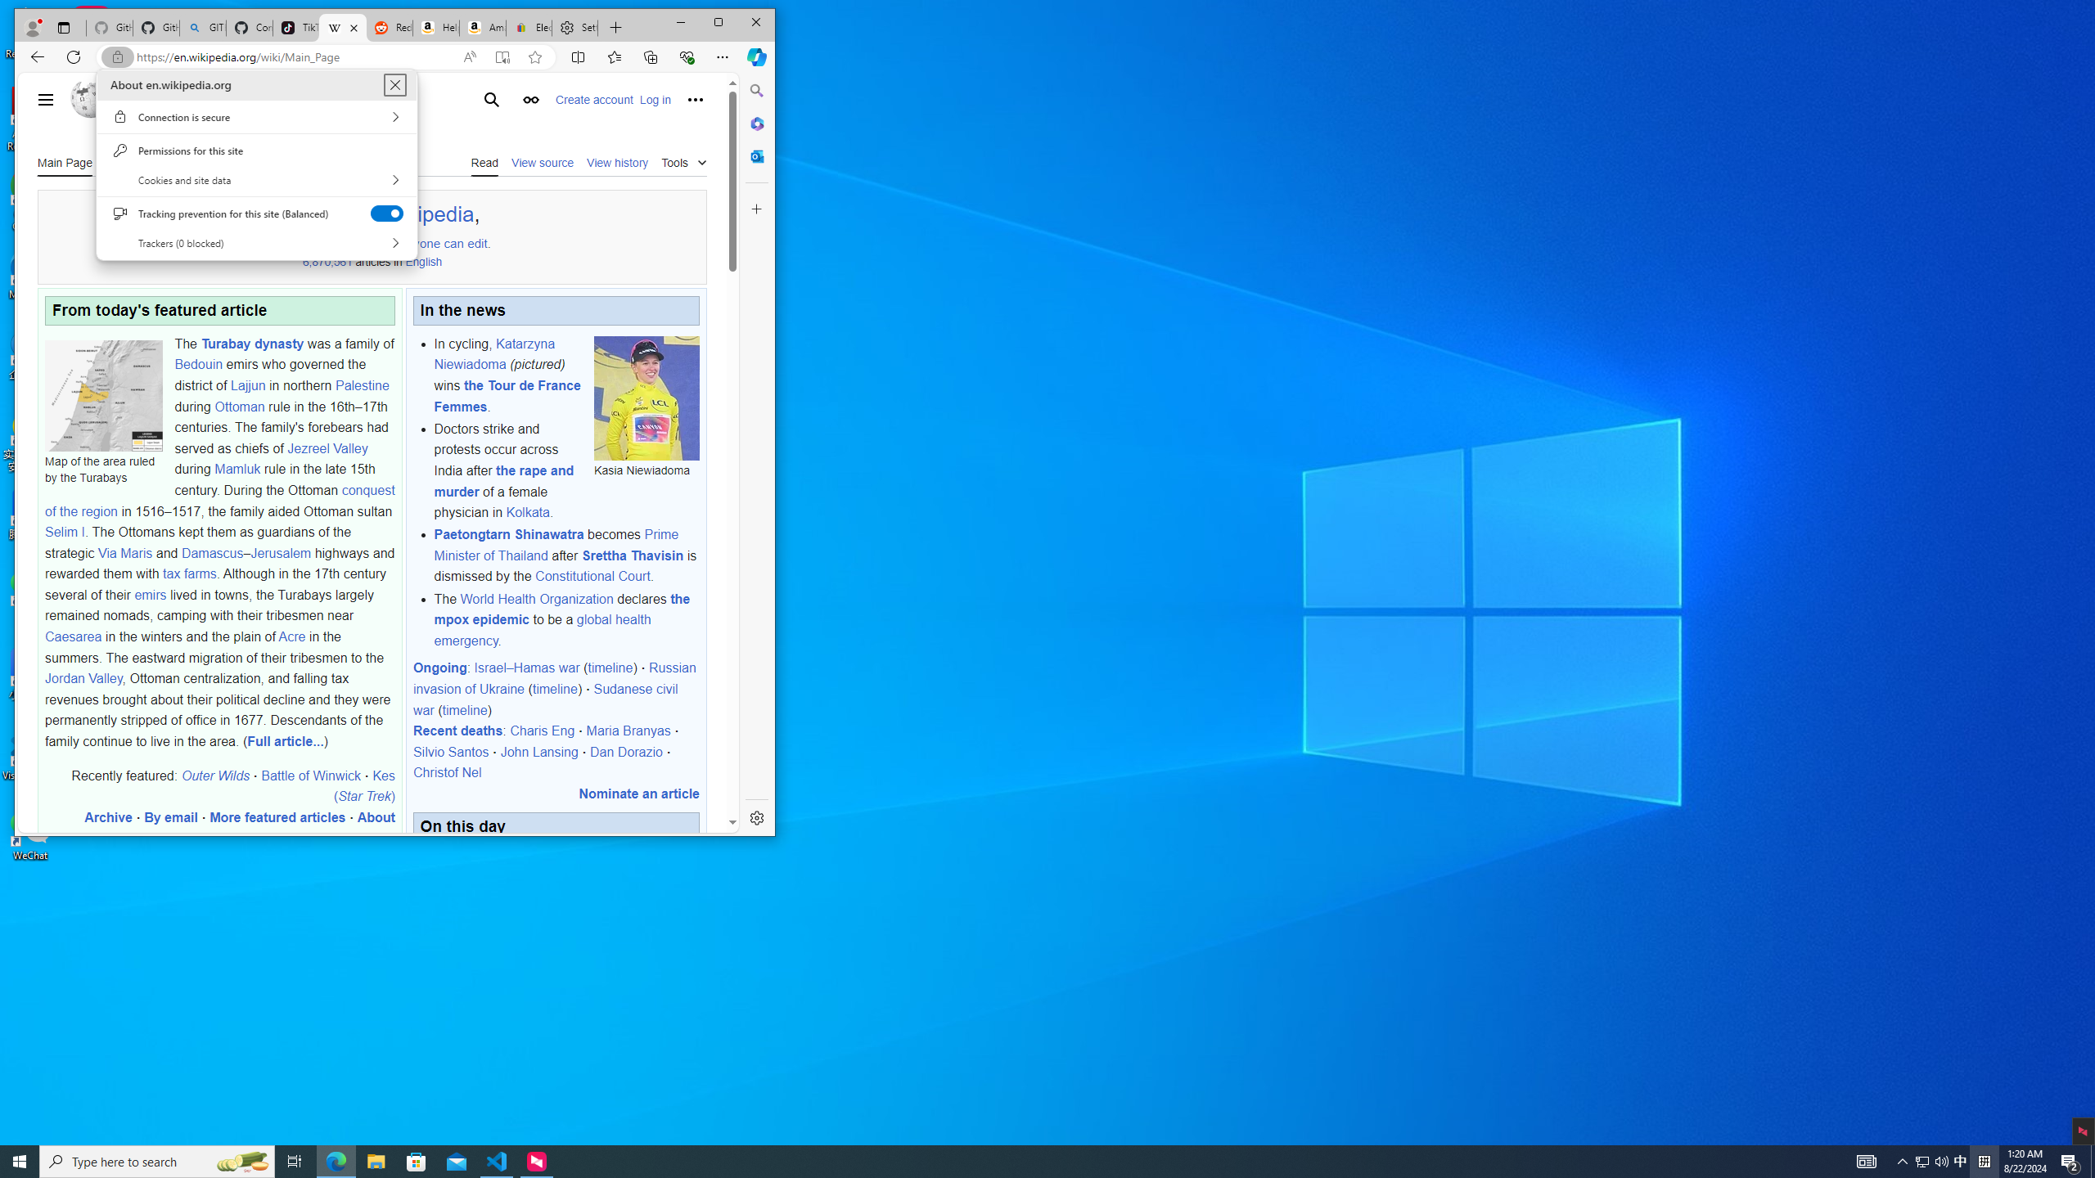  I want to click on 'Maria Branyas', so click(628, 731).